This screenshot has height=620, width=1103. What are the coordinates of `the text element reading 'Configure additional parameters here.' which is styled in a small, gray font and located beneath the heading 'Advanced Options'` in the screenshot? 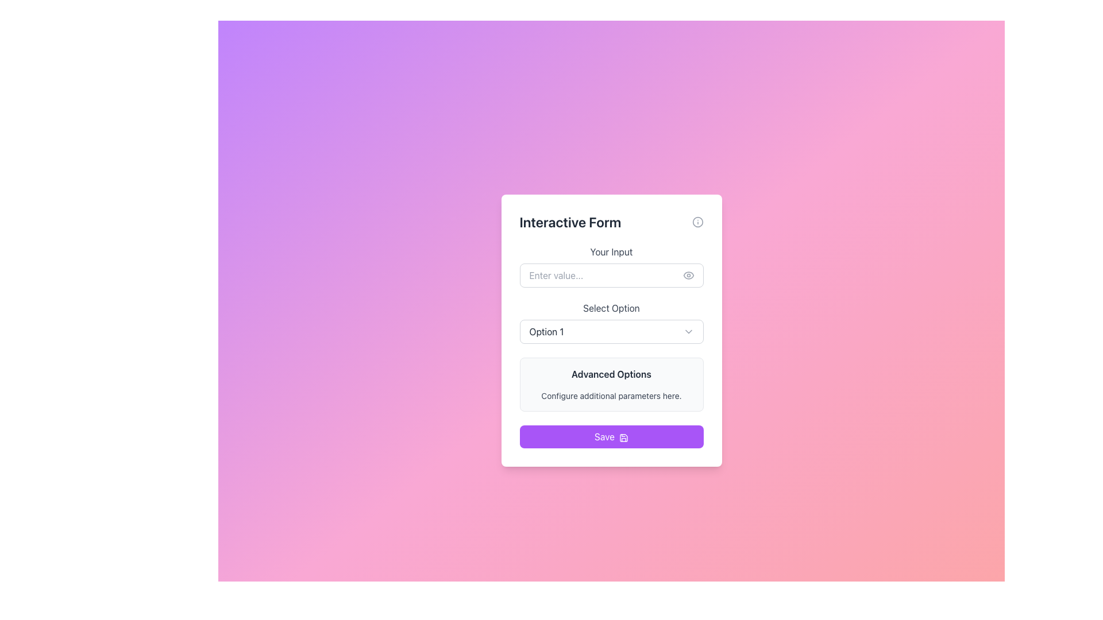 It's located at (611, 396).